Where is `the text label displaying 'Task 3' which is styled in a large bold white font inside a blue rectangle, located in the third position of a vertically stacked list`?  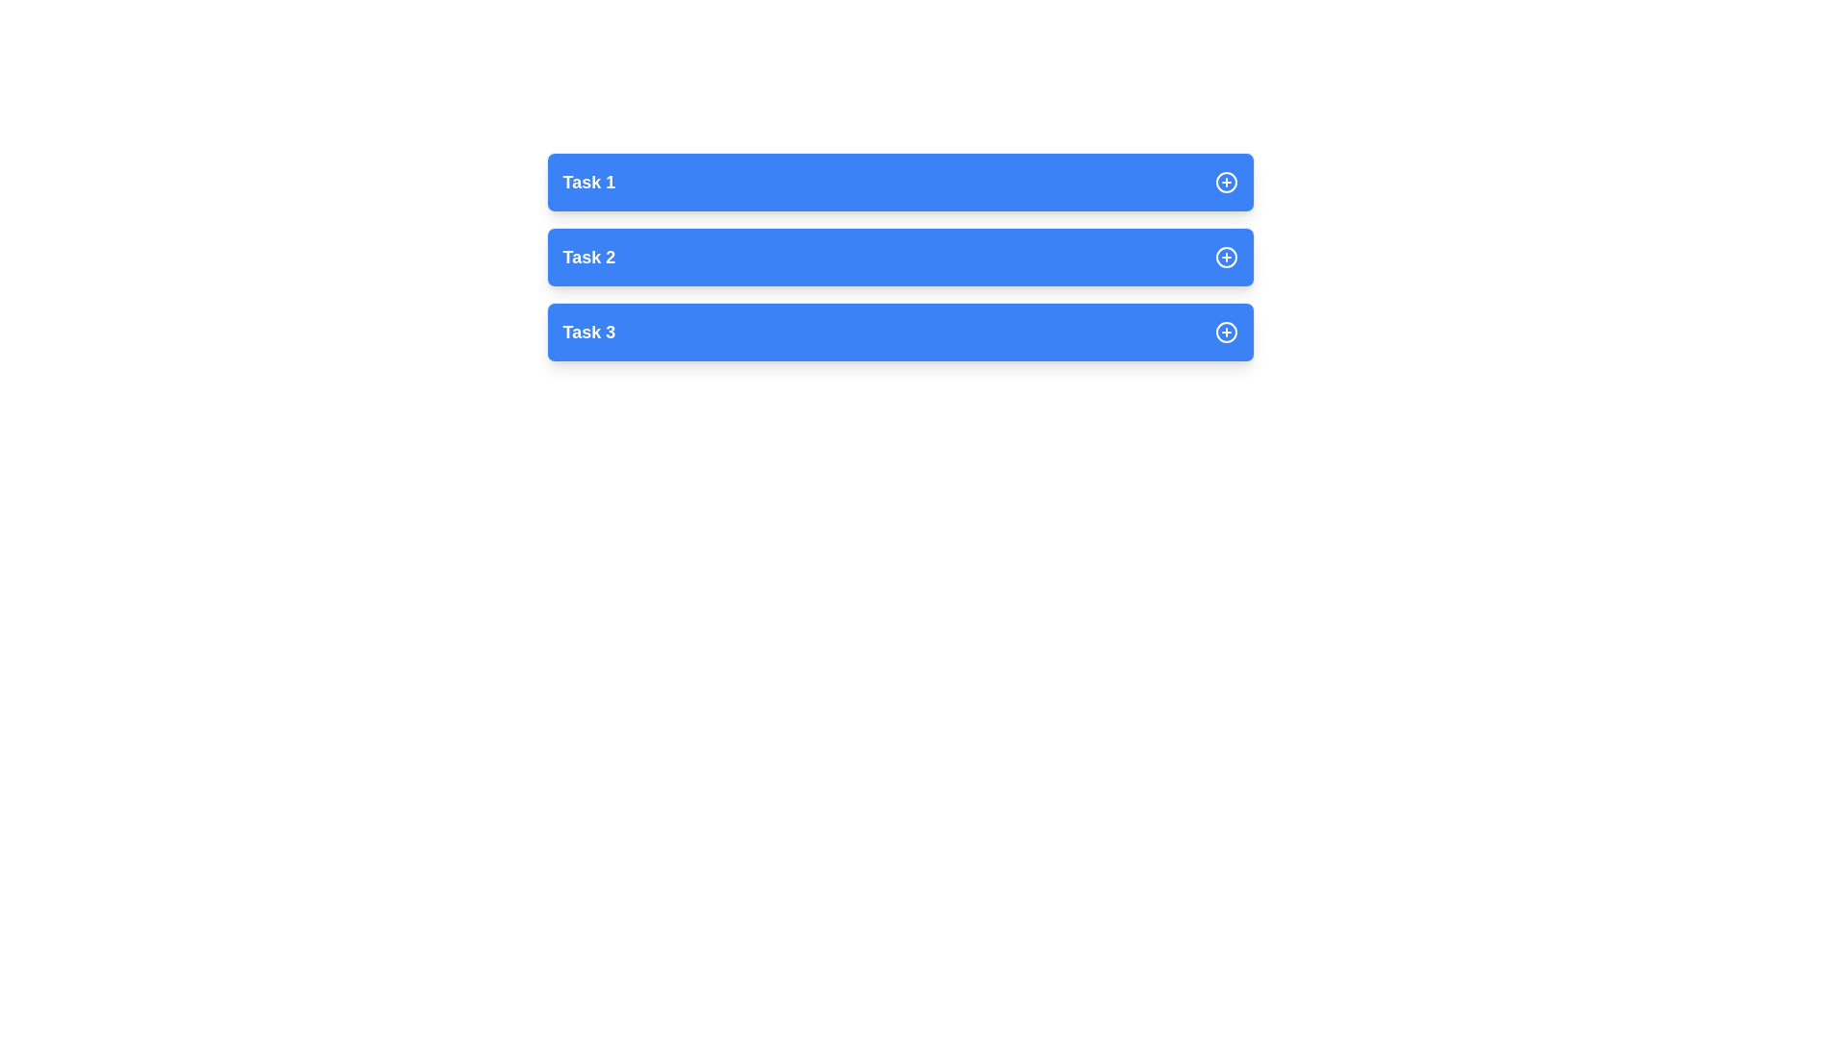 the text label displaying 'Task 3' which is styled in a large bold white font inside a blue rectangle, located in the third position of a vertically stacked list is located at coordinates (587, 332).